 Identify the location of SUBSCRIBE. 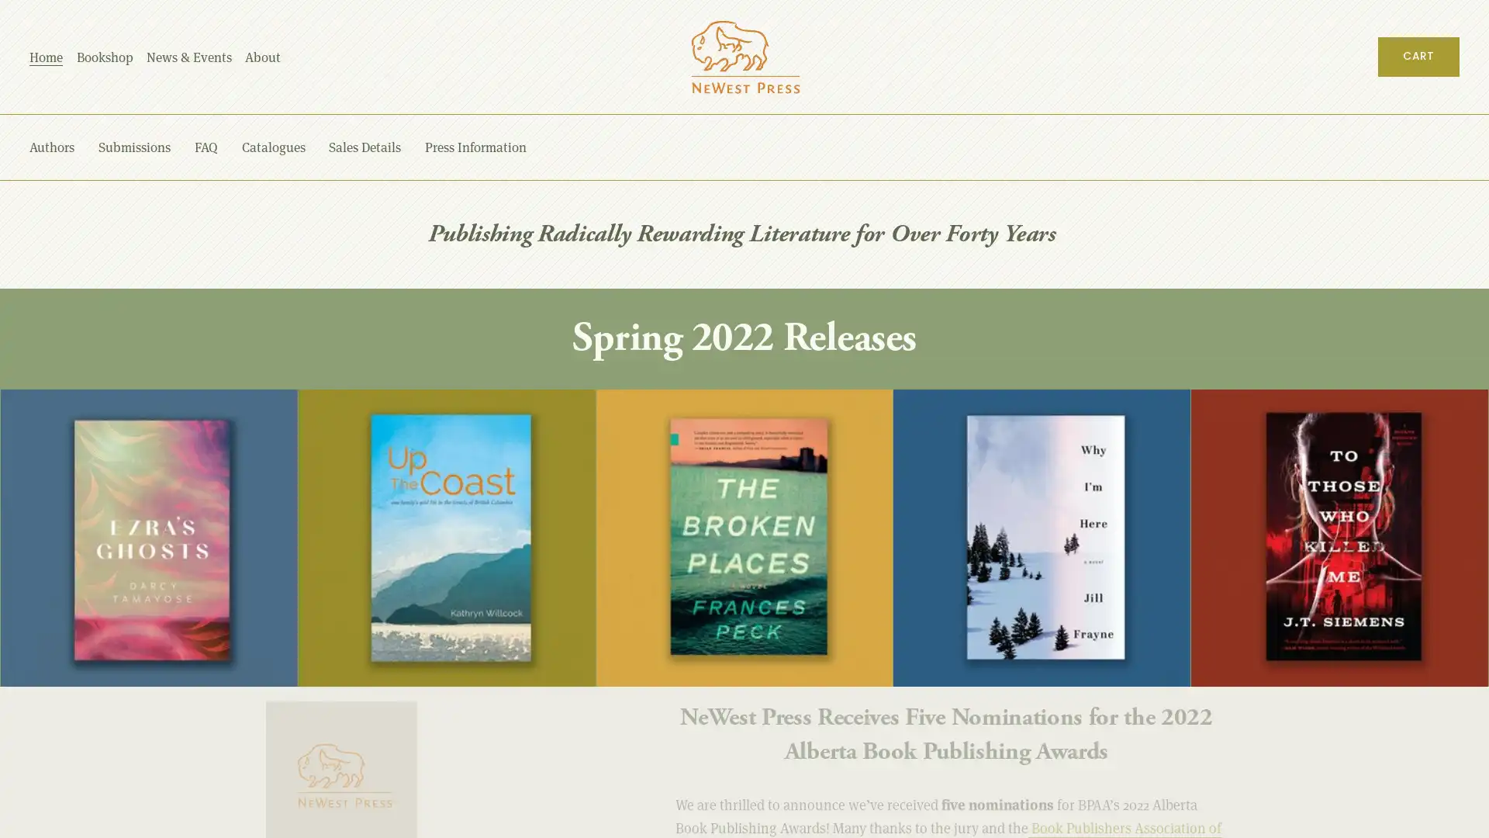
(1311, 676).